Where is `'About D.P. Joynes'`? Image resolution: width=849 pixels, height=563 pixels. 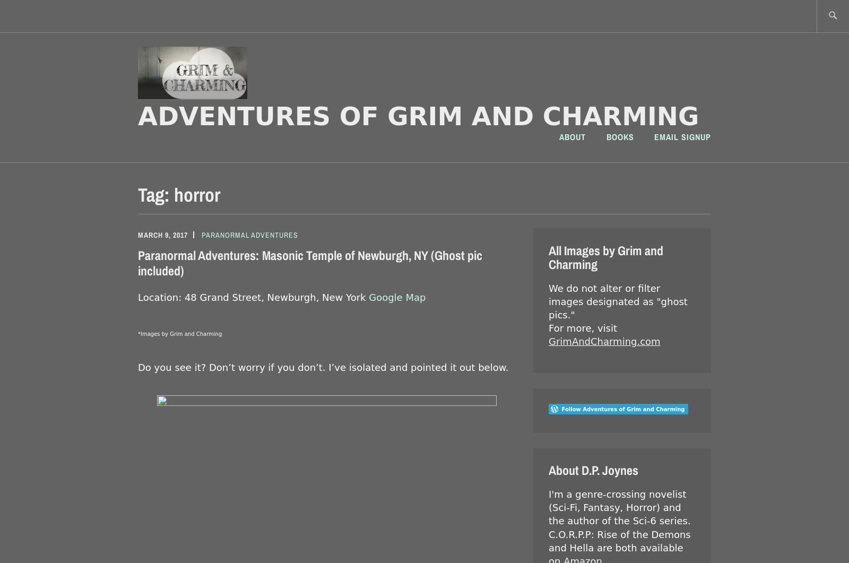
'About D.P. Joynes' is located at coordinates (593, 470).